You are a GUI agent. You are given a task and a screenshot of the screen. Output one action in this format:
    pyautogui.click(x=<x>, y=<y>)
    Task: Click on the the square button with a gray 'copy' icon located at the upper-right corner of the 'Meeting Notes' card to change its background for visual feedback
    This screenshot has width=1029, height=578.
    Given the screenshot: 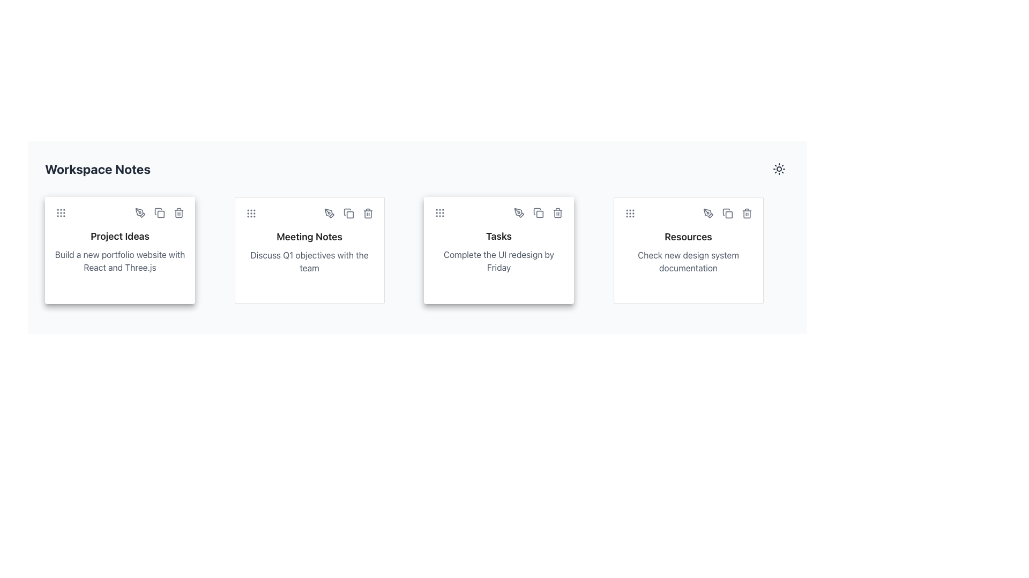 What is the action you would take?
    pyautogui.click(x=348, y=213)
    